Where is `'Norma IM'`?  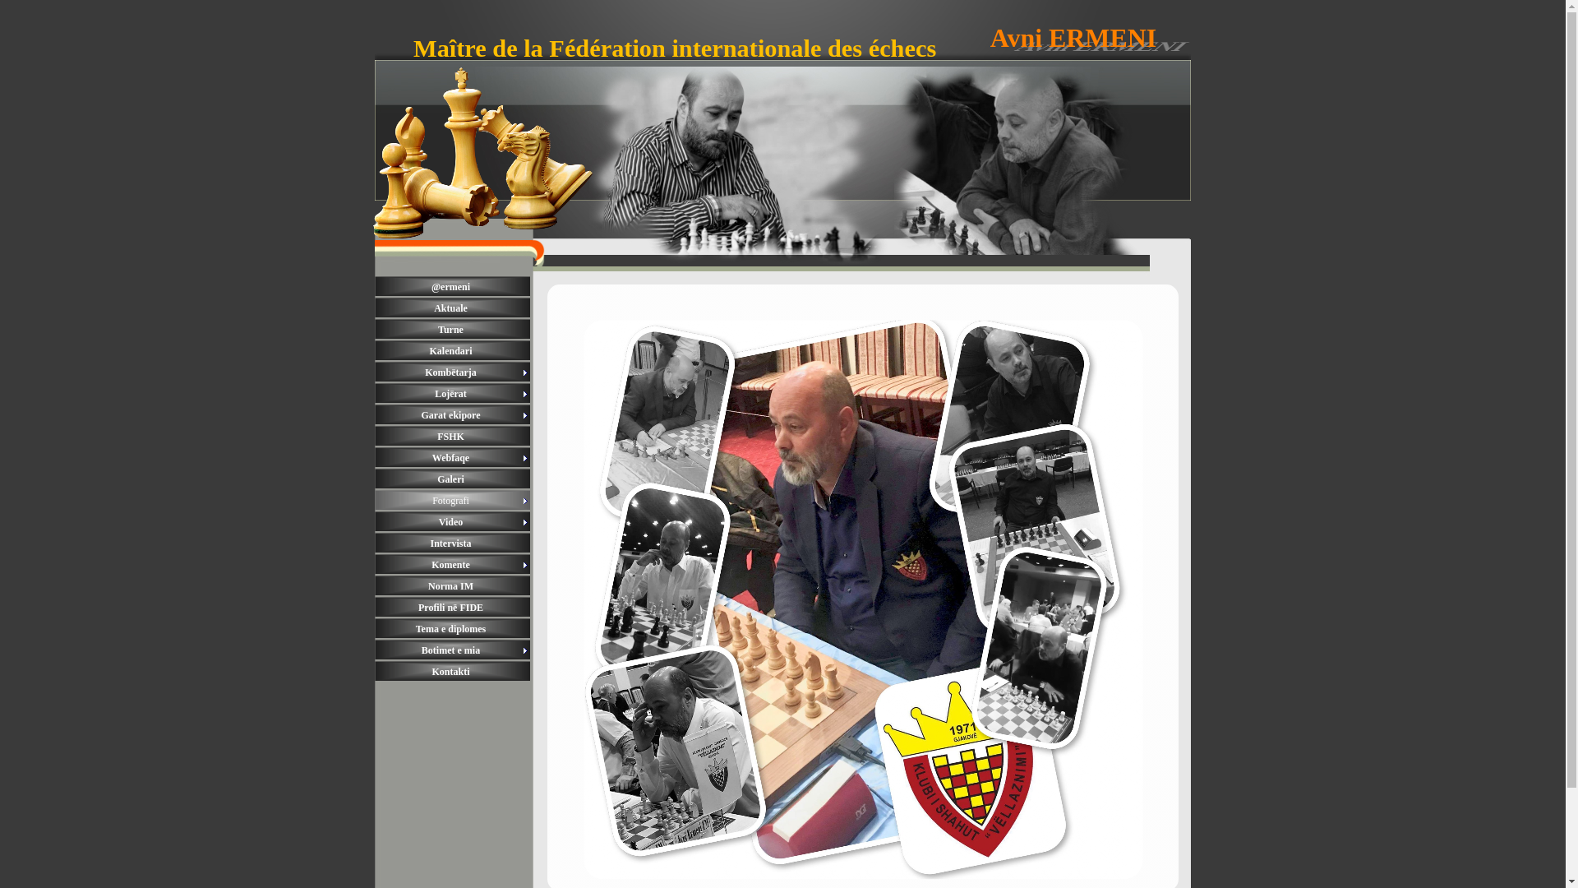 'Norma IM' is located at coordinates (453, 585).